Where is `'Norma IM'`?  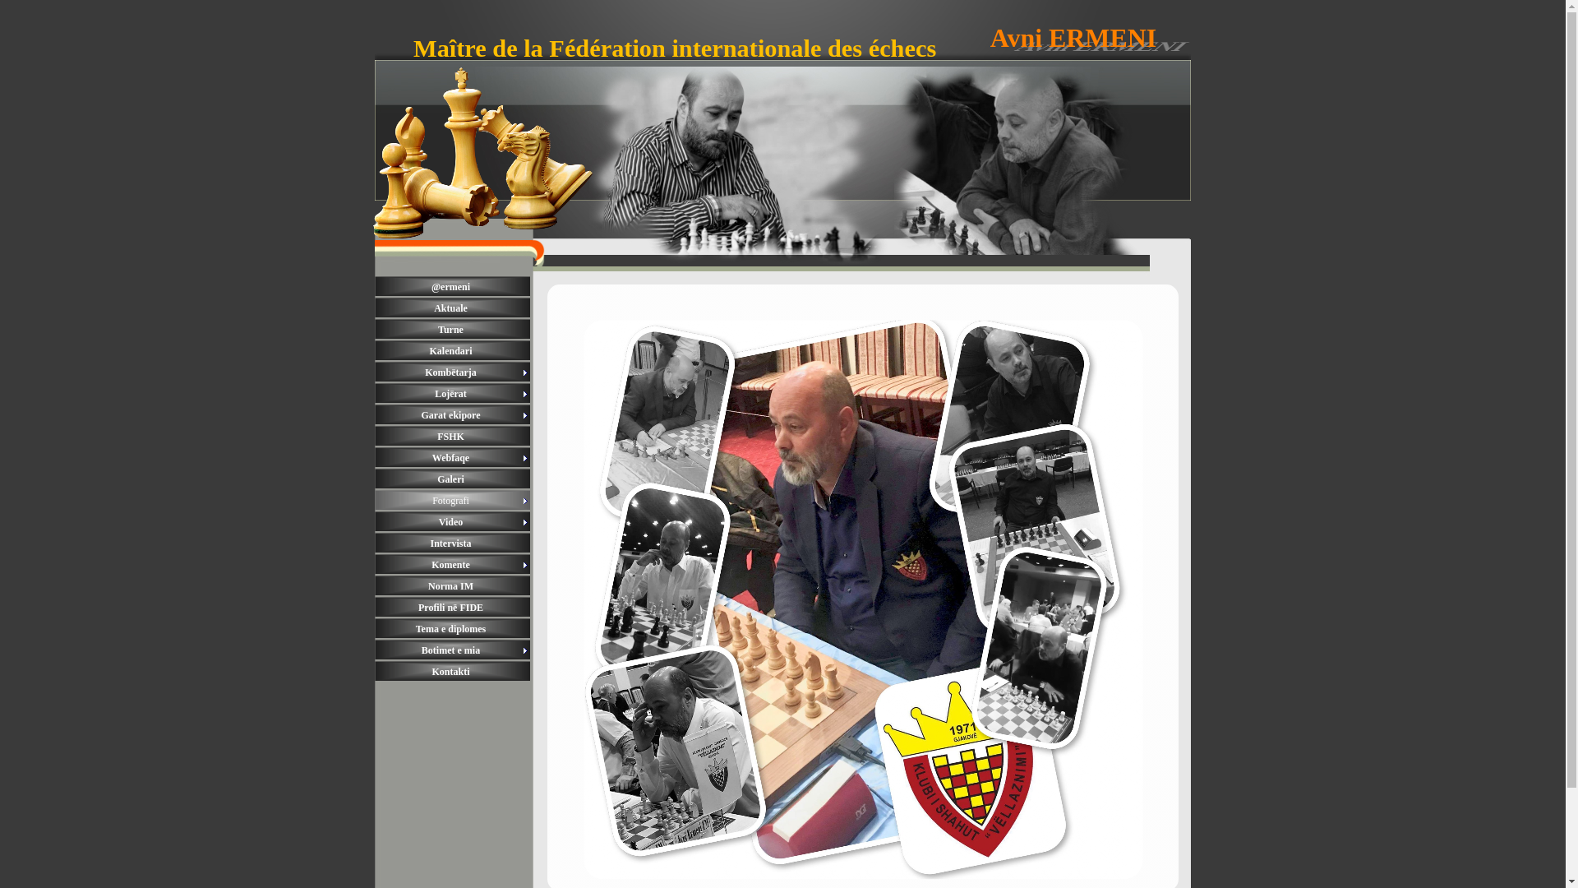 'Norma IM' is located at coordinates (453, 585).